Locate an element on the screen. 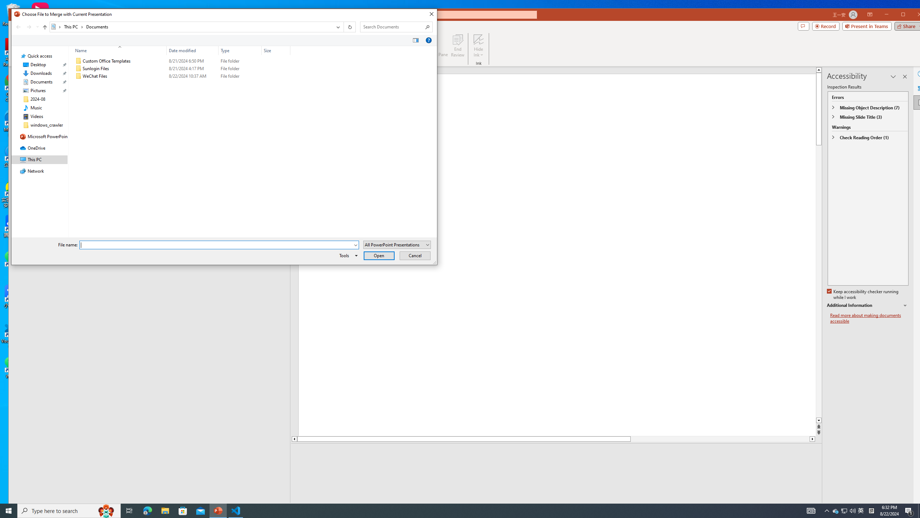  'Recent locations' is located at coordinates (37, 26).